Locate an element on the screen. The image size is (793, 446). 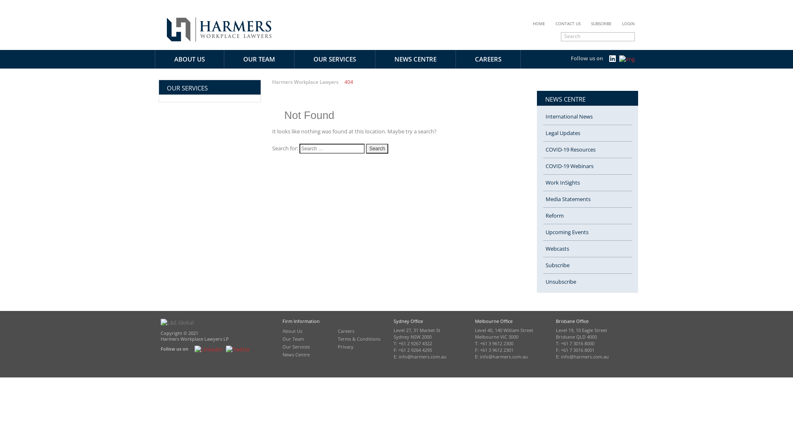
'ABOUT US' is located at coordinates (189, 59).